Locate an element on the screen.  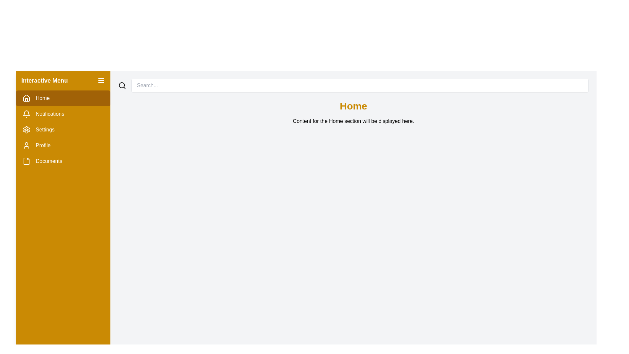
the notifications icon located in the left navigation bar, which is the second item from the top is located at coordinates (26, 113).